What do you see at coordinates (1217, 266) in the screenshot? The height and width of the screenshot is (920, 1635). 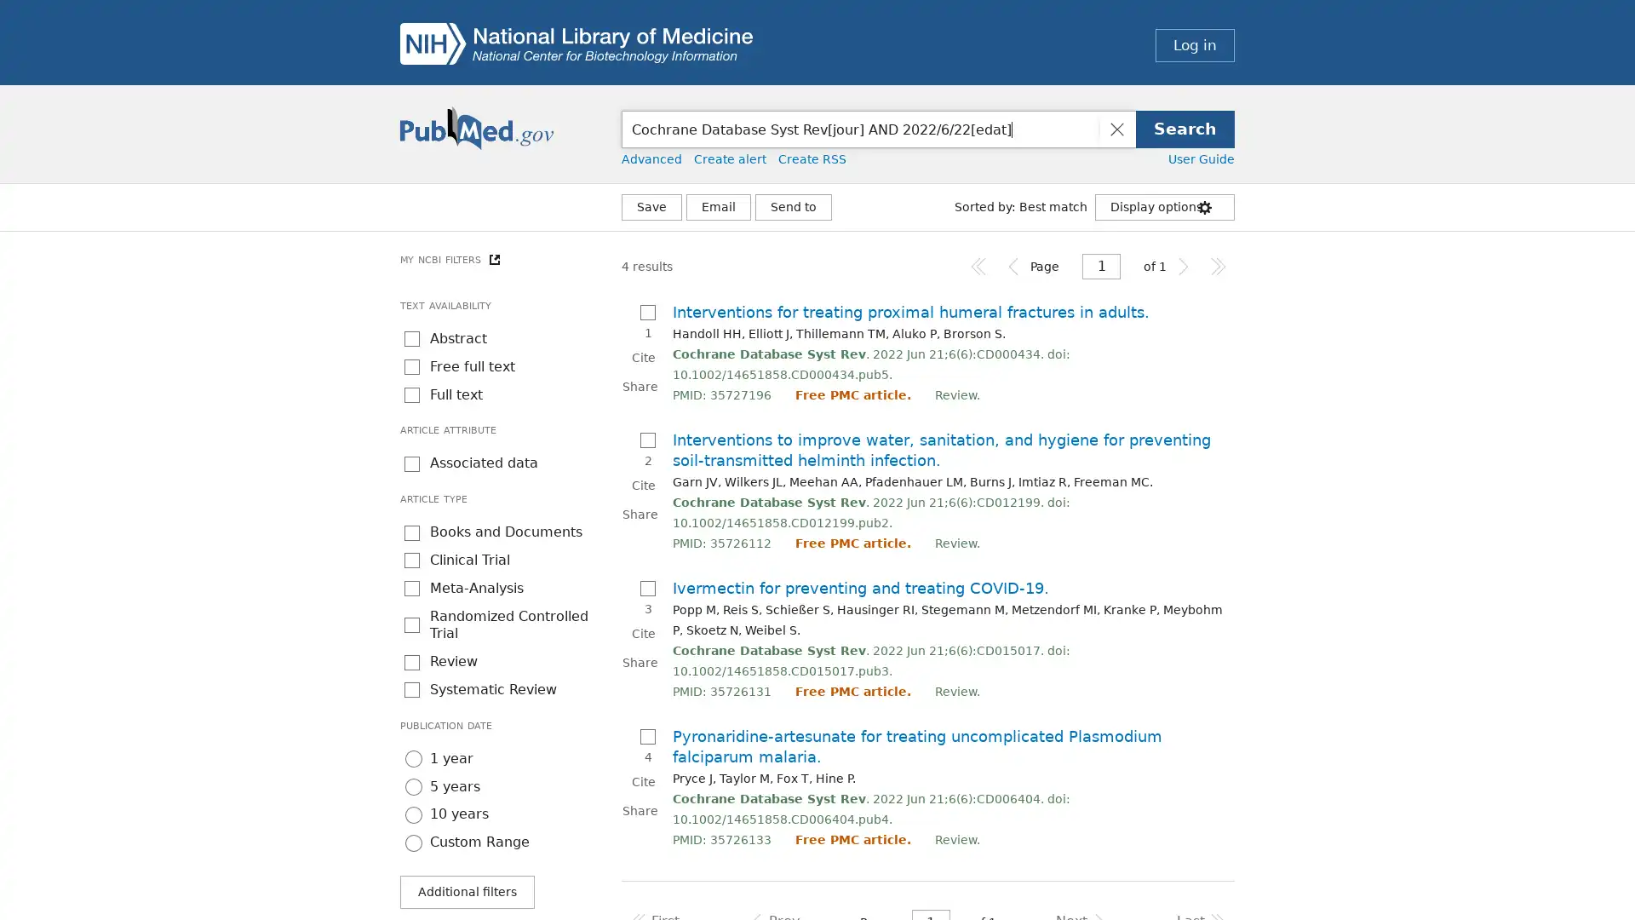 I see `Navigates to the last page of results.` at bounding box center [1217, 266].